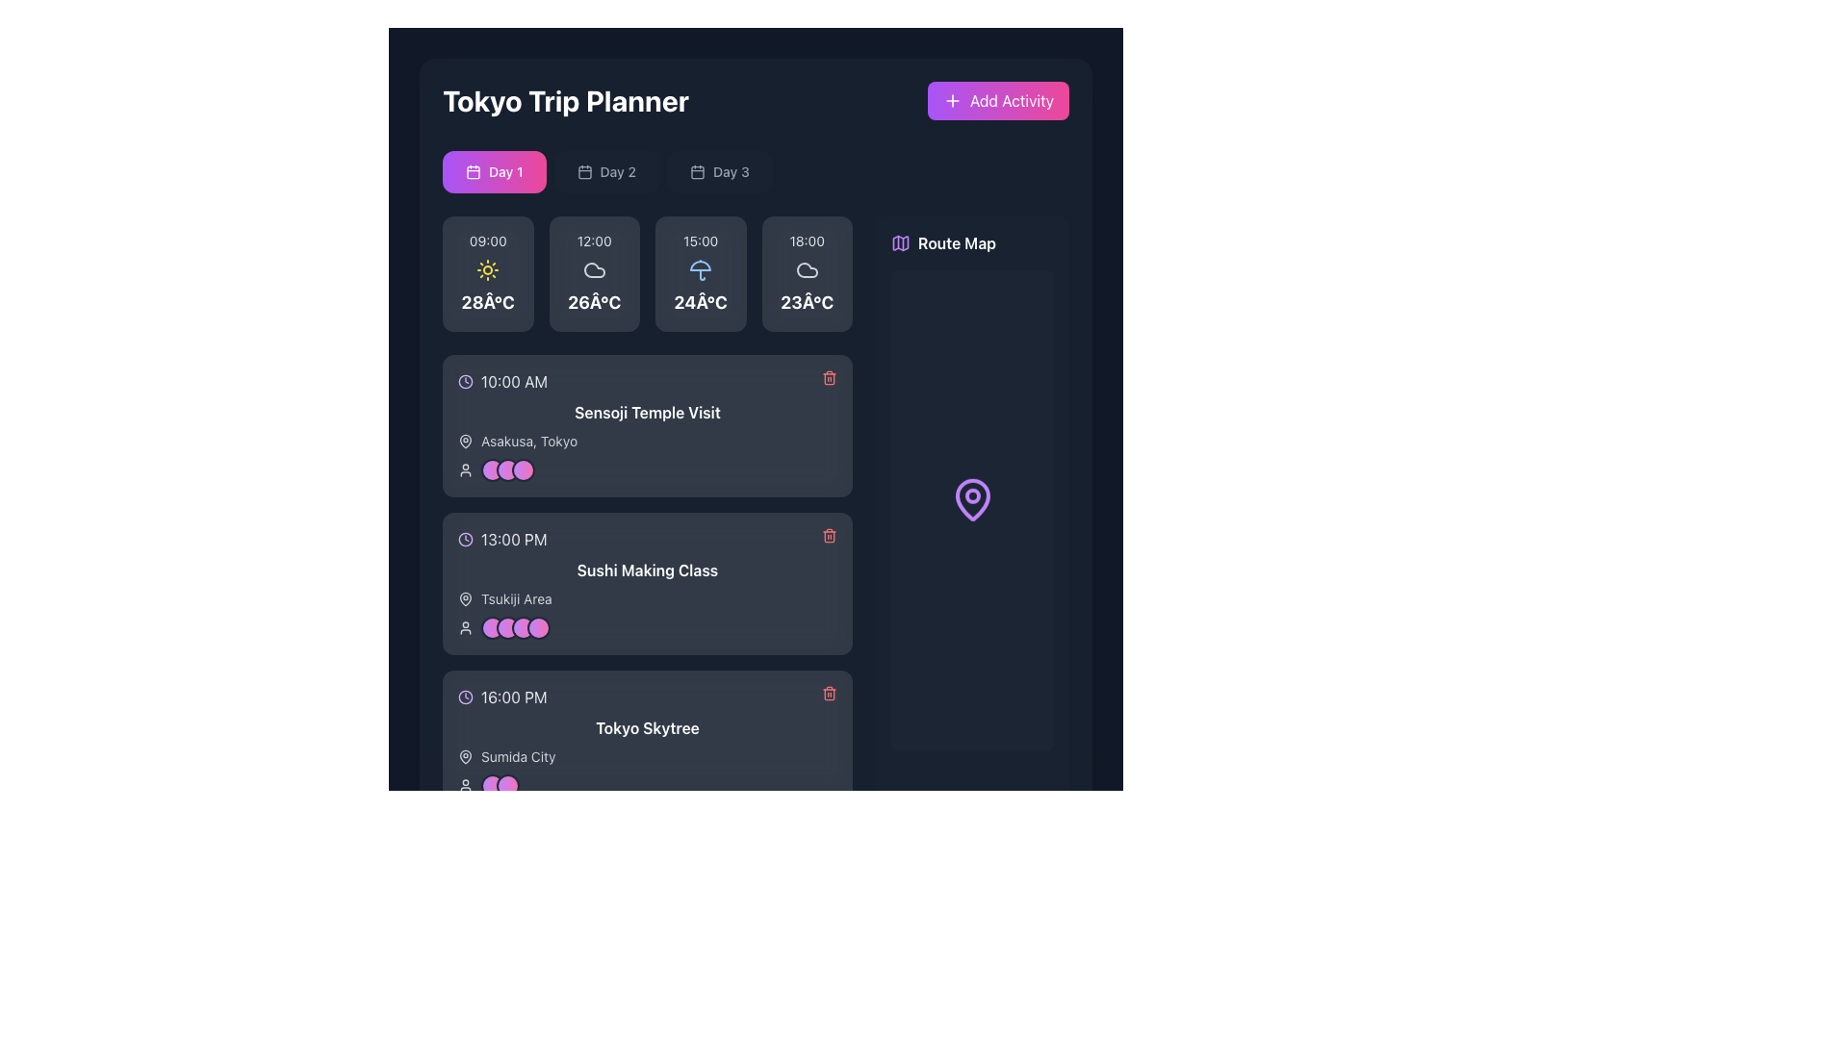  Describe the element at coordinates (700, 303) in the screenshot. I see `the temperature information label displaying '24Â°C', which is styled in white on a dark background and located below the umbrella icon in the weather forecast card for '15:00'` at that location.